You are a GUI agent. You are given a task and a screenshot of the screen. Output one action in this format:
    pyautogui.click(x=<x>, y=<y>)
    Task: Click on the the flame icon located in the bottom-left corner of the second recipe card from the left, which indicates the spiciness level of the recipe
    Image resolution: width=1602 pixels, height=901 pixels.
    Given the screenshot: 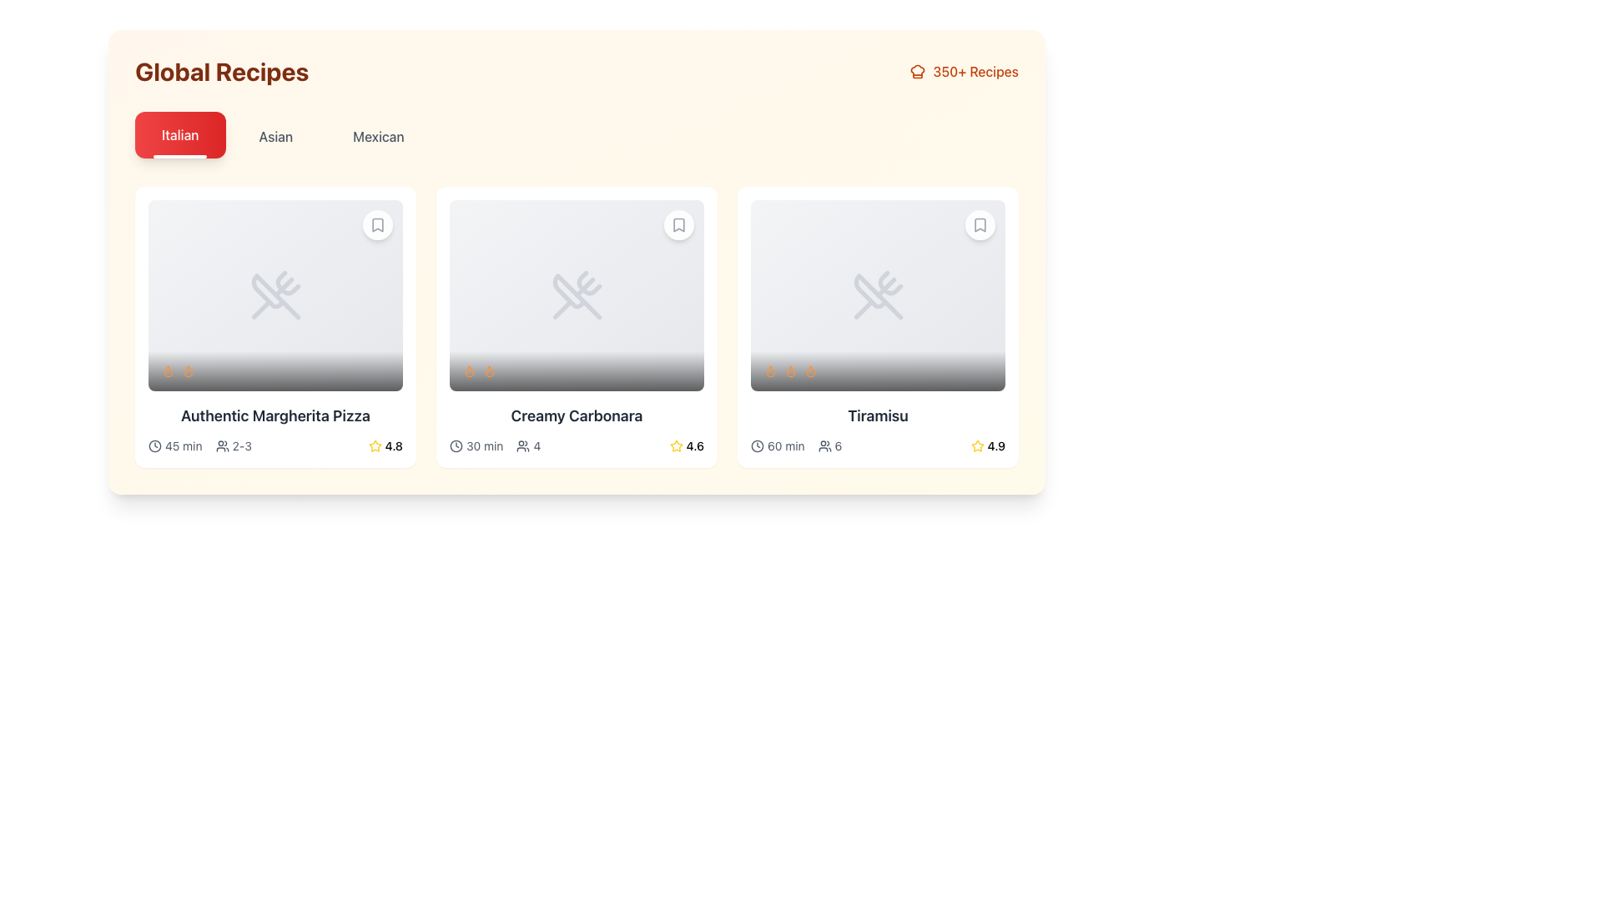 What is the action you would take?
    pyautogui.click(x=488, y=370)
    